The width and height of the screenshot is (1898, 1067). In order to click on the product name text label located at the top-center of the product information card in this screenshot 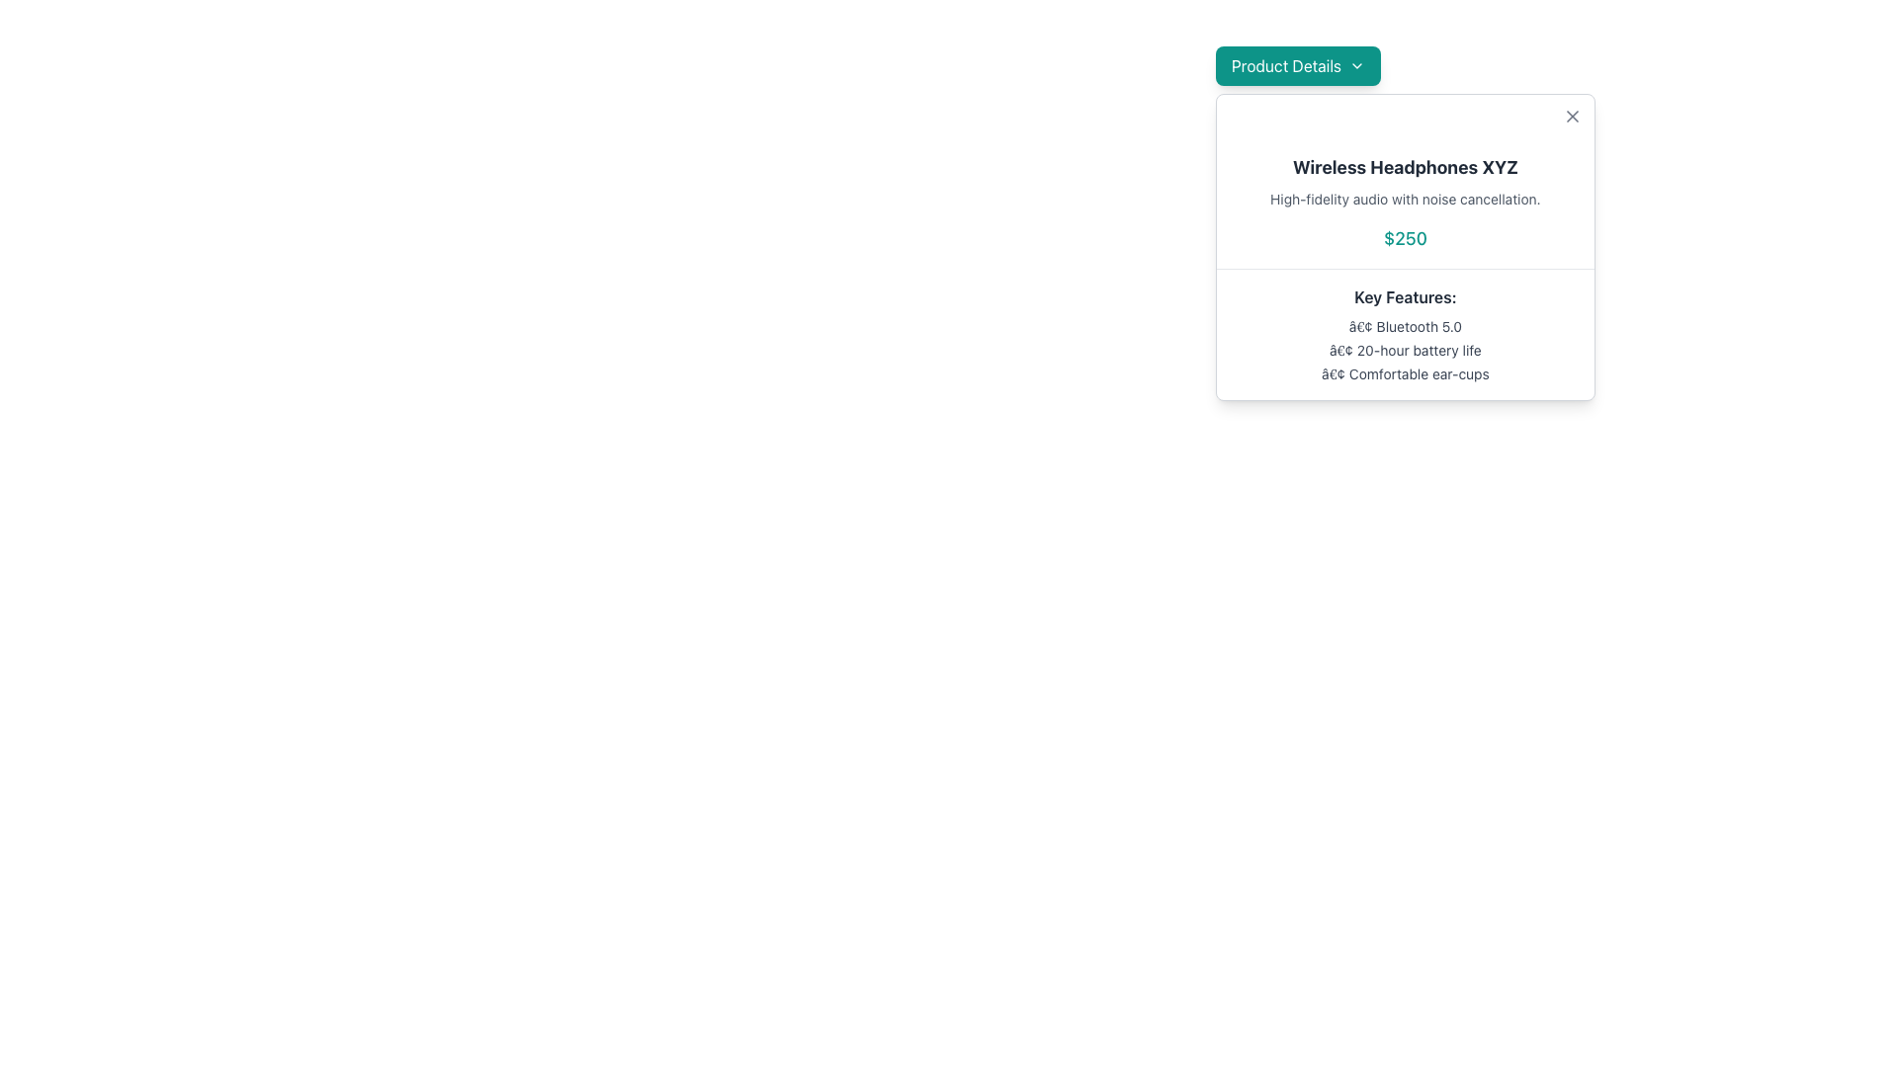, I will do `click(1404, 166)`.